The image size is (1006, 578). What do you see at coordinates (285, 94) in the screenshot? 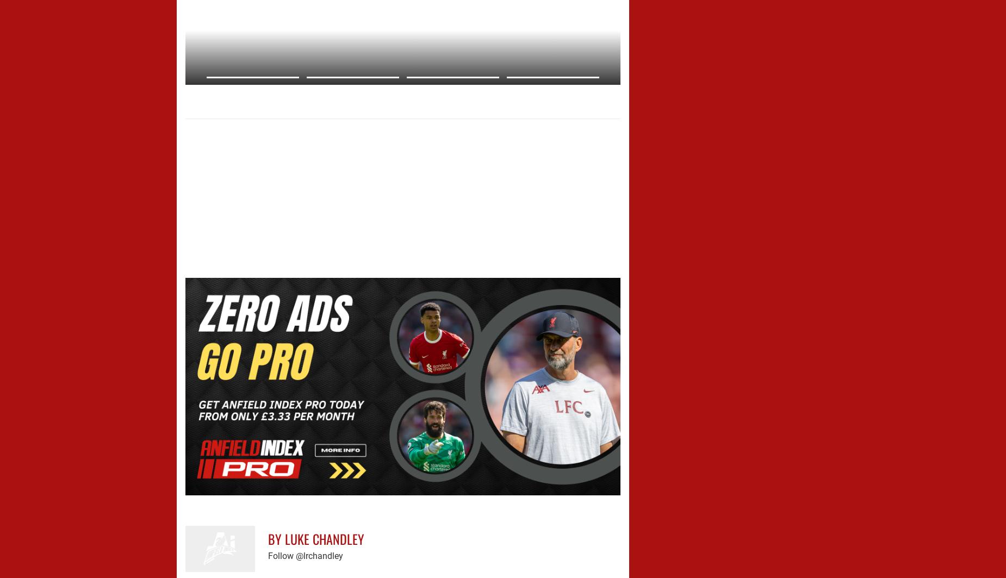
I see `'At 86, This Is Where Jack Nicholson Lives'` at bounding box center [285, 94].